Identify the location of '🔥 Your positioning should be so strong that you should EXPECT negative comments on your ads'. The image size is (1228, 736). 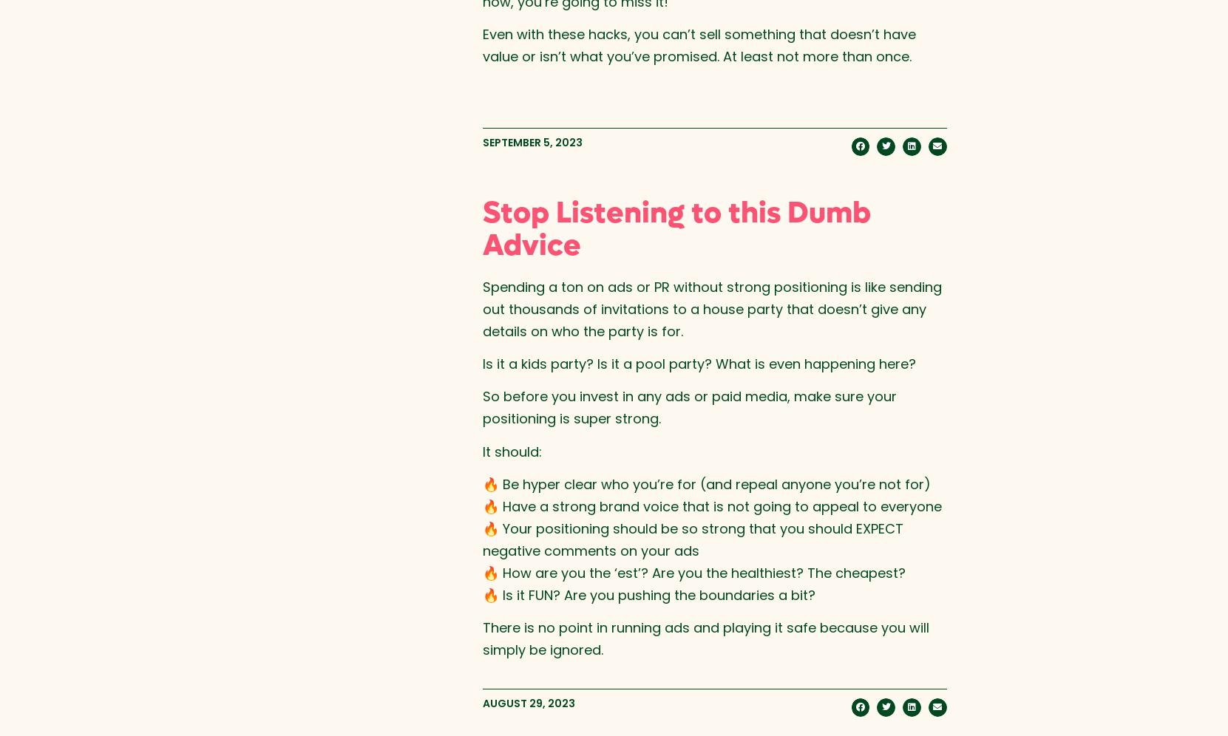
(481, 539).